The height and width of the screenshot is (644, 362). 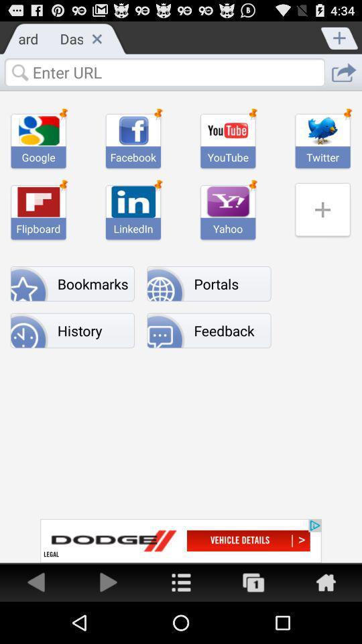 What do you see at coordinates (96, 38) in the screenshot?
I see `this tab` at bounding box center [96, 38].